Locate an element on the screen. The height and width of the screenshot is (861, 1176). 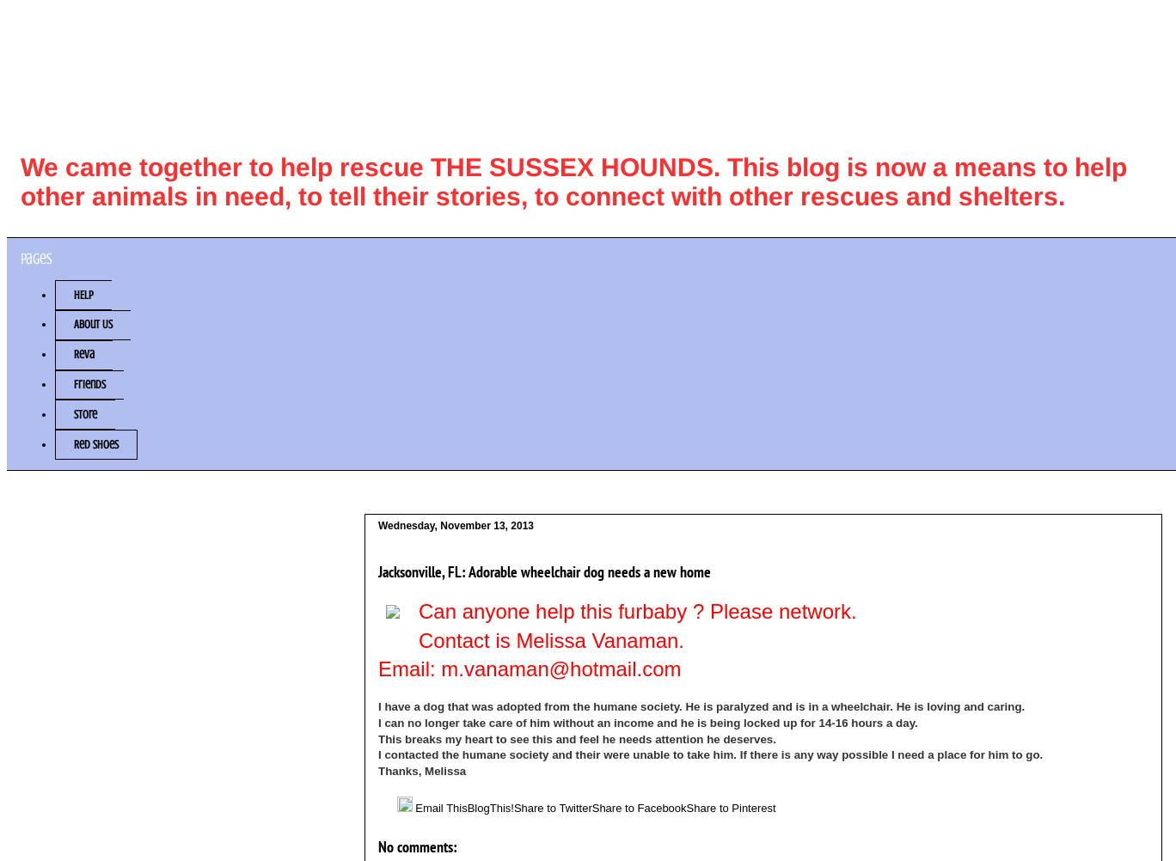
'I can no longer take care of him without an income and he is being locked up for 14-16 hours a day.' is located at coordinates (647, 723).